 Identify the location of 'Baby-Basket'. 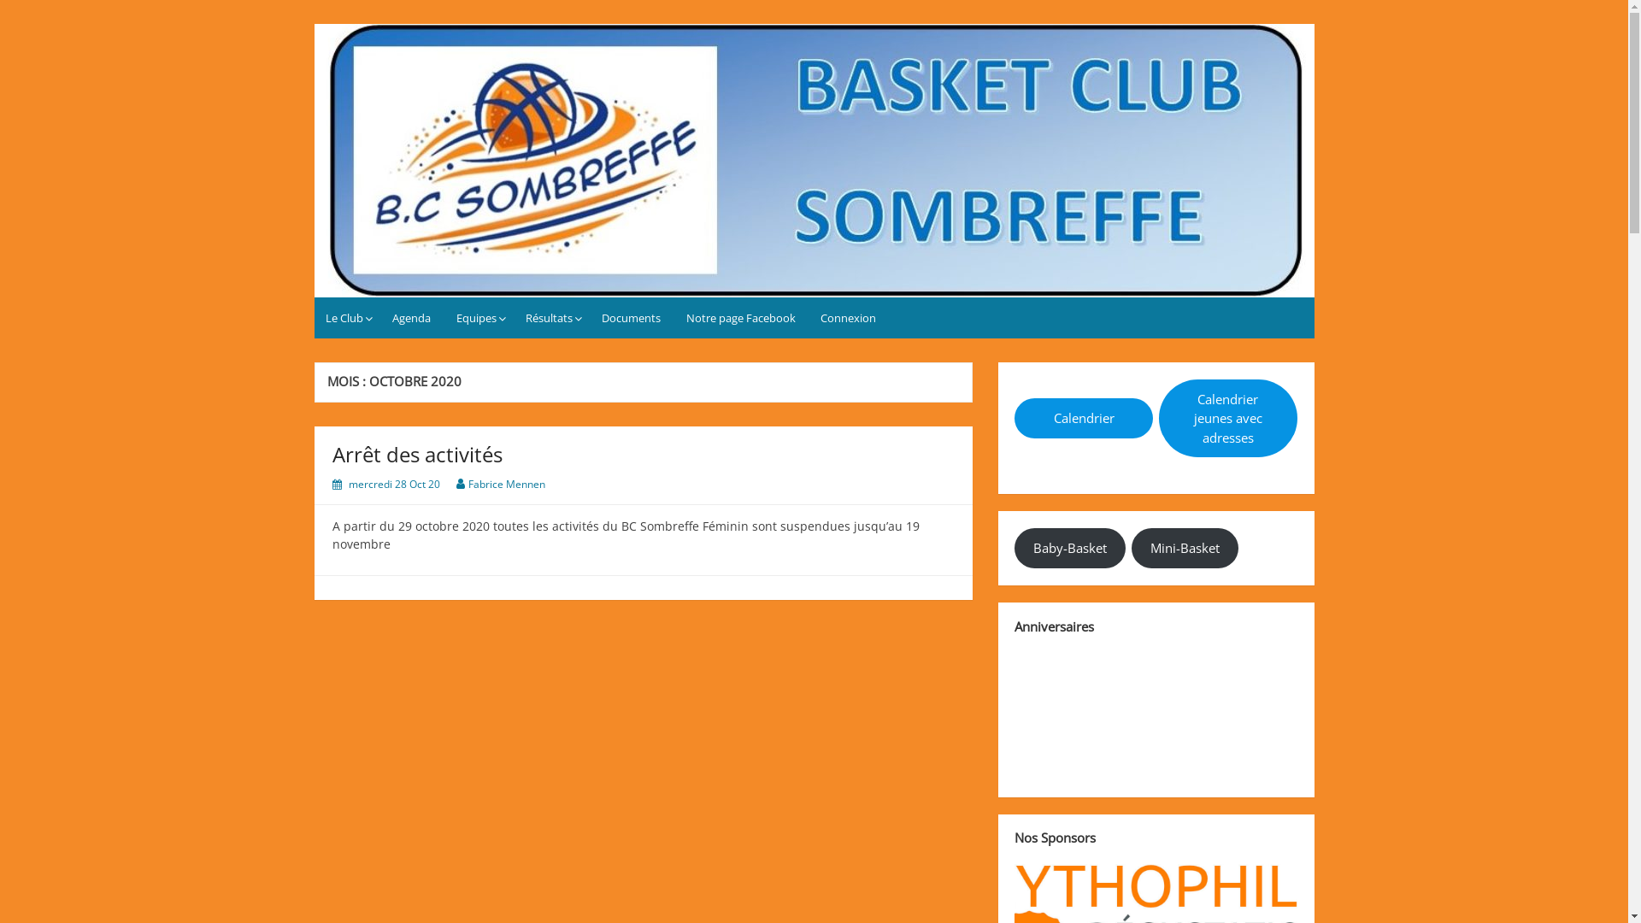
(1069, 547).